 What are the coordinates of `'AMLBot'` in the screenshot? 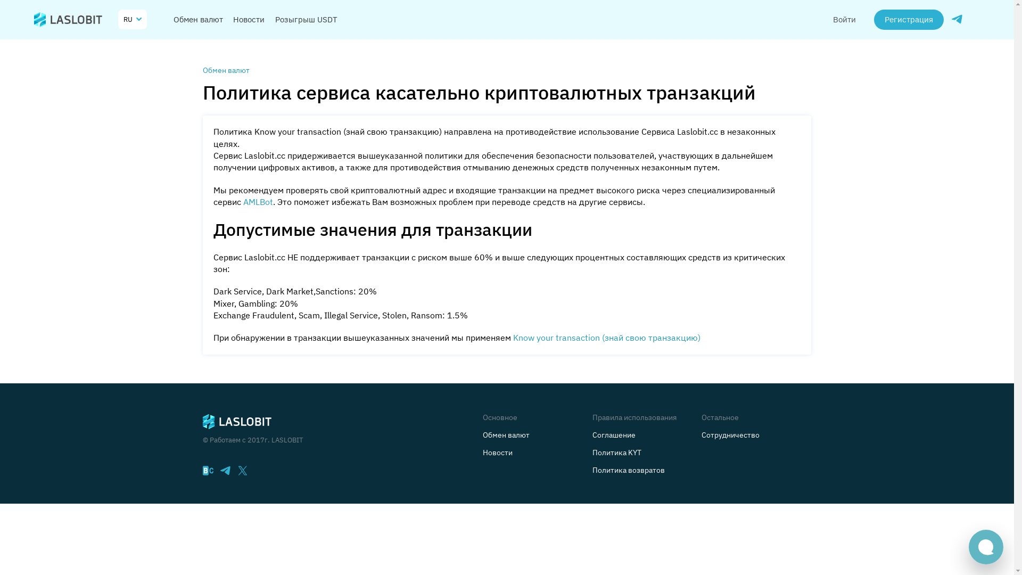 It's located at (260, 203).